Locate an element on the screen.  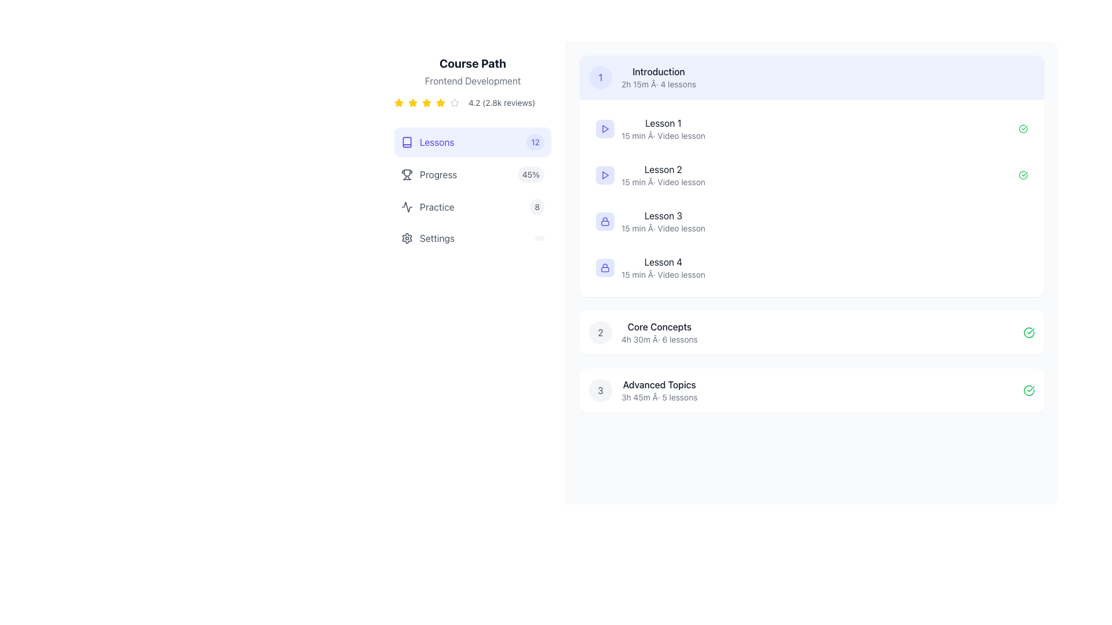
the play button graphic located to the left of 'Lesson 2' under 'Introduction' for additional information about the lesson is located at coordinates (605, 129).